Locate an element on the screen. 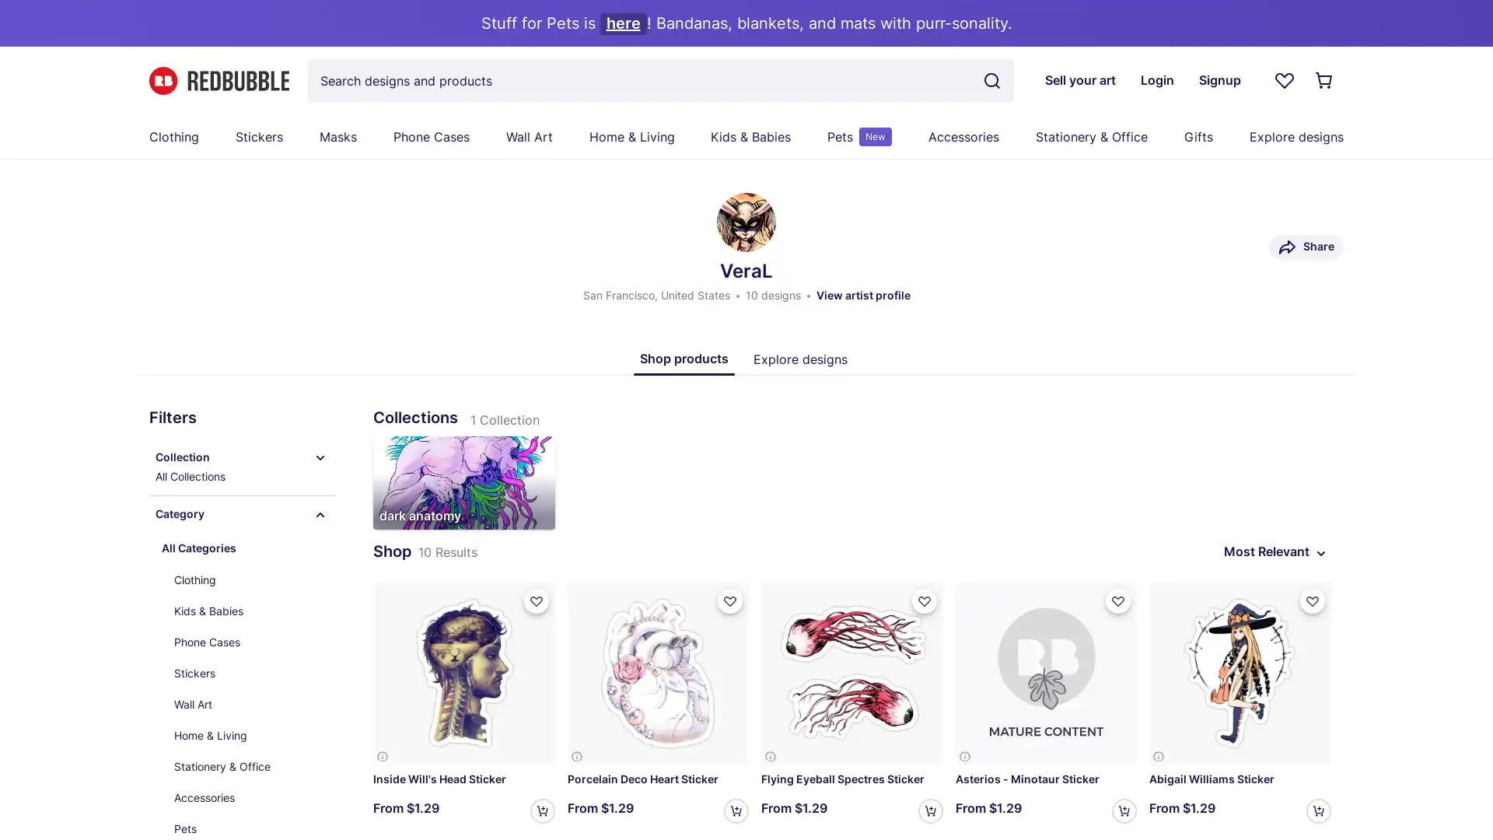 The width and height of the screenshot is (1493, 840). Favorite is located at coordinates (729, 600).